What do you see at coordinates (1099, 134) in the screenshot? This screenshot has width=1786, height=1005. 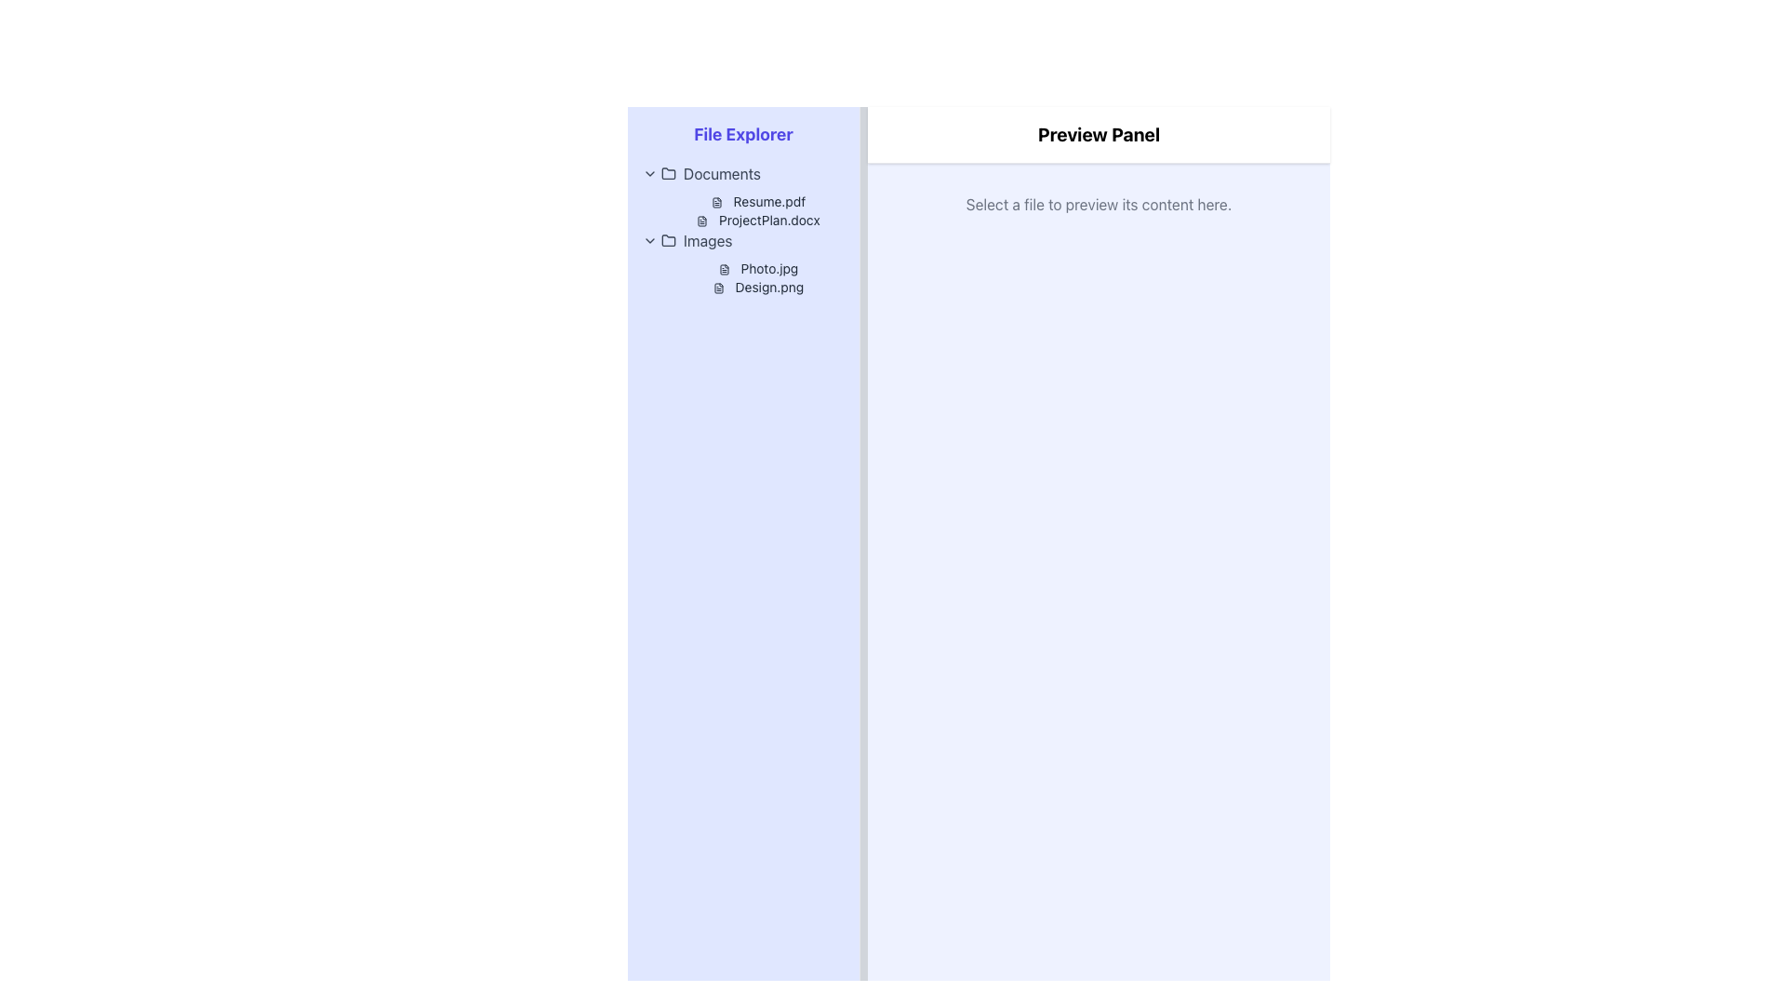 I see `descriptive header text of the 'Preview Panel' section located in the header of the right panel, which indicates its purpose for displaying previewed file contents` at bounding box center [1099, 134].